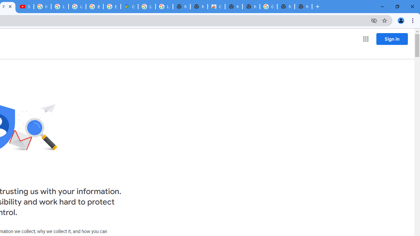 Image resolution: width=420 pixels, height=236 pixels. I want to click on 'Explore new street-level details - Google Maps Help', so click(112, 7).